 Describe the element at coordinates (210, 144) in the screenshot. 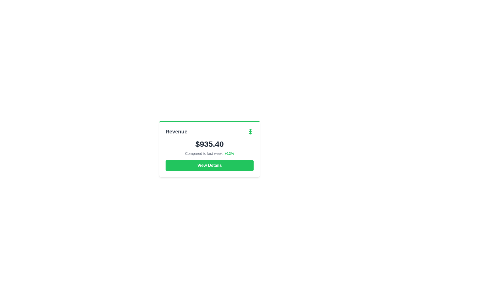

I see `numerical value displayed in the text element located centrally within the card component, which is underneath the title 'Revenue' and above the 'Compared to last week' text` at that location.